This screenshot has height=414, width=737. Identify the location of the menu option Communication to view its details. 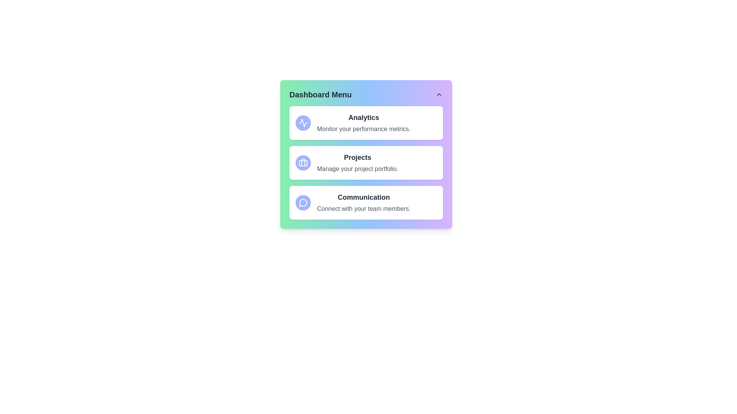
(366, 202).